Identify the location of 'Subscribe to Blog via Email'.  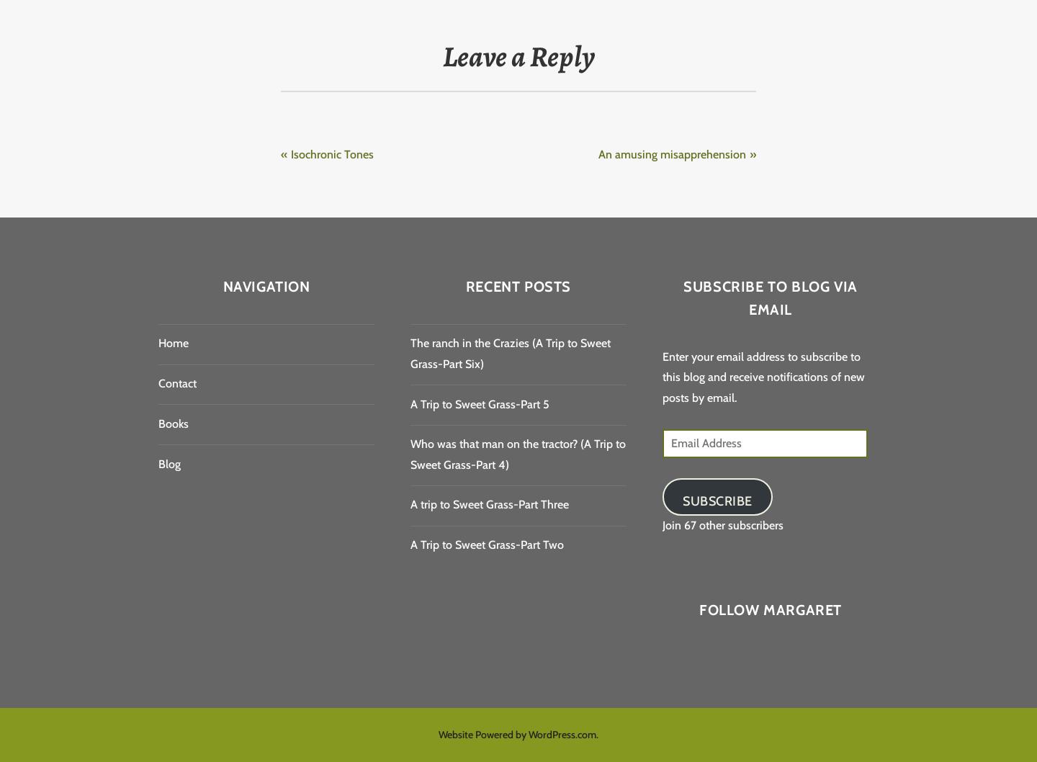
(683, 297).